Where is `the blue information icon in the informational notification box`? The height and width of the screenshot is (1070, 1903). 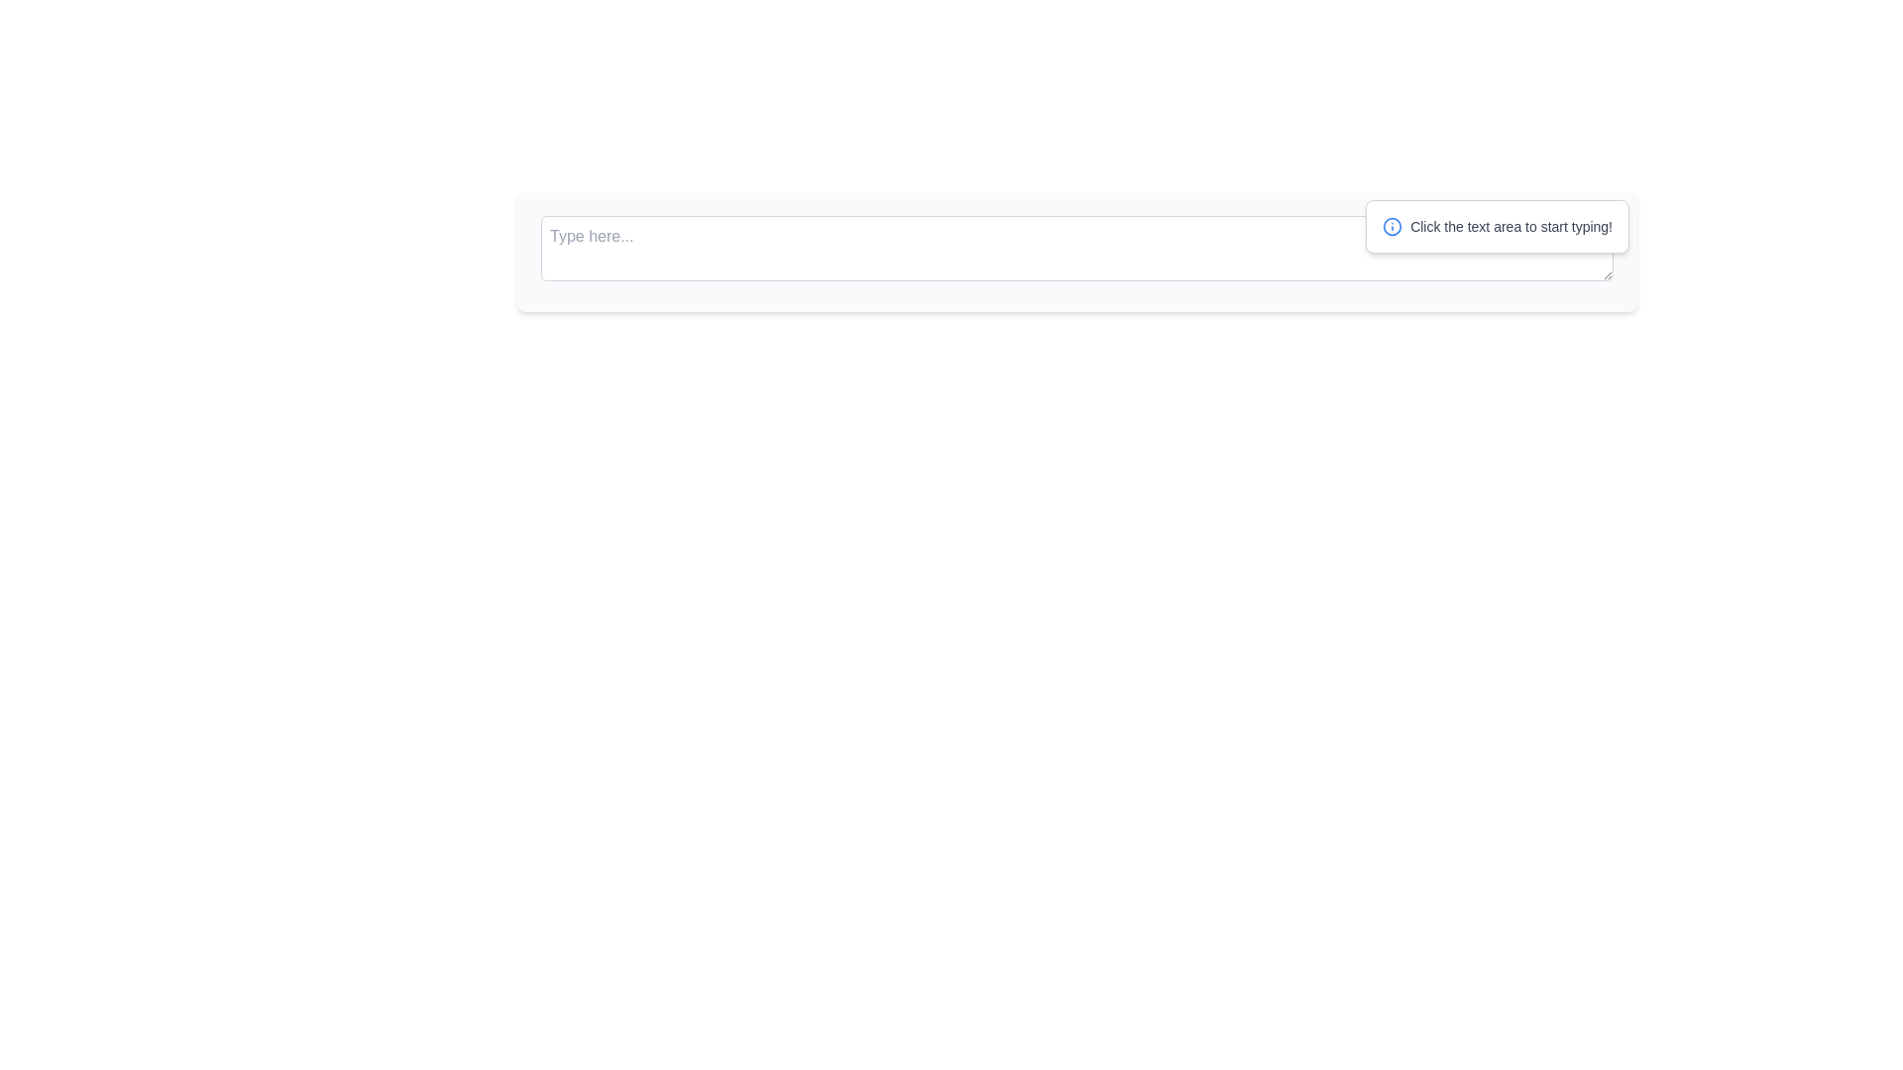
the blue information icon in the informational notification box is located at coordinates (1498, 225).